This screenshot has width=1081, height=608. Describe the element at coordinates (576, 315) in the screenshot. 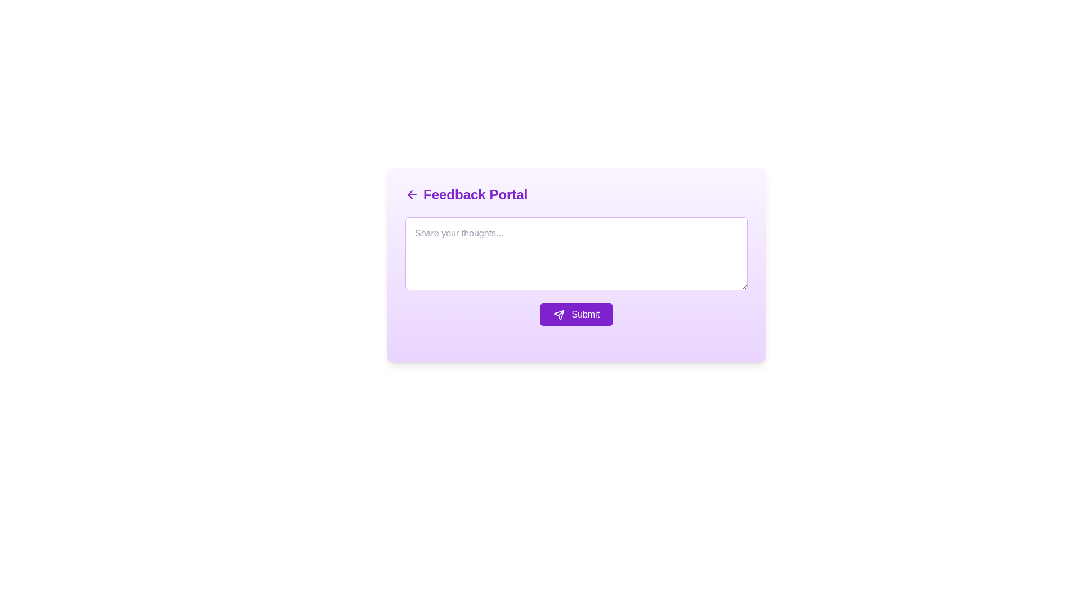

I see `the button located at the bottom of the feedback form card` at that location.